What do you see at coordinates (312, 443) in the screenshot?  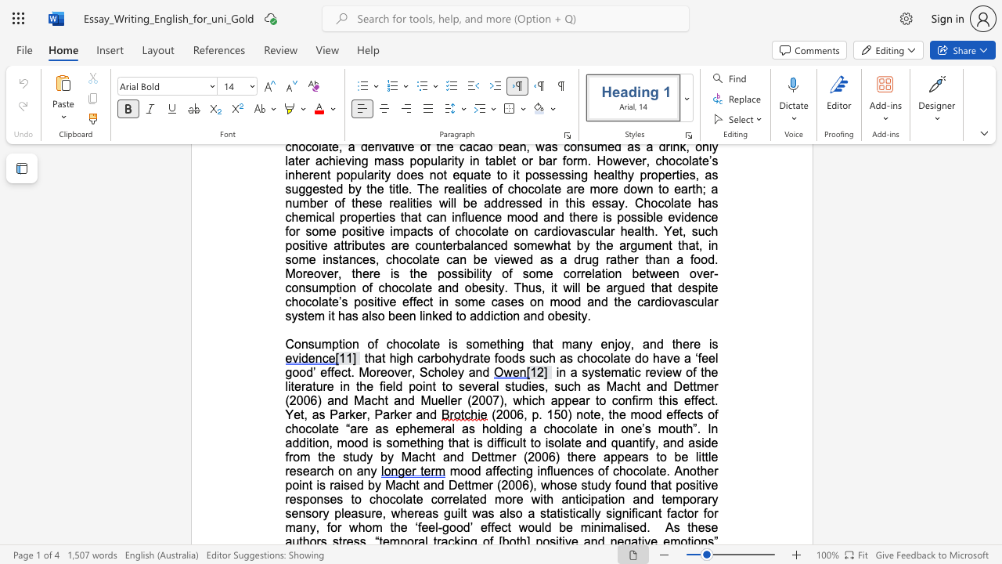 I see `the subset text "ion, mood is something that is difficult to isolate and quantify, and aside from the study by Macht and Dettmer (2006) there appears to be l" within the text "(2006, p. 150) note, the mood effects of chocolate “are as ephemeral as holding a chocolate in one’s mouth”. In addition, mood is something that is difficult to isolate and quantify, and aside from the study by Macht and Dettmer (2006) there appears to be little research on any"` at bounding box center [312, 443].